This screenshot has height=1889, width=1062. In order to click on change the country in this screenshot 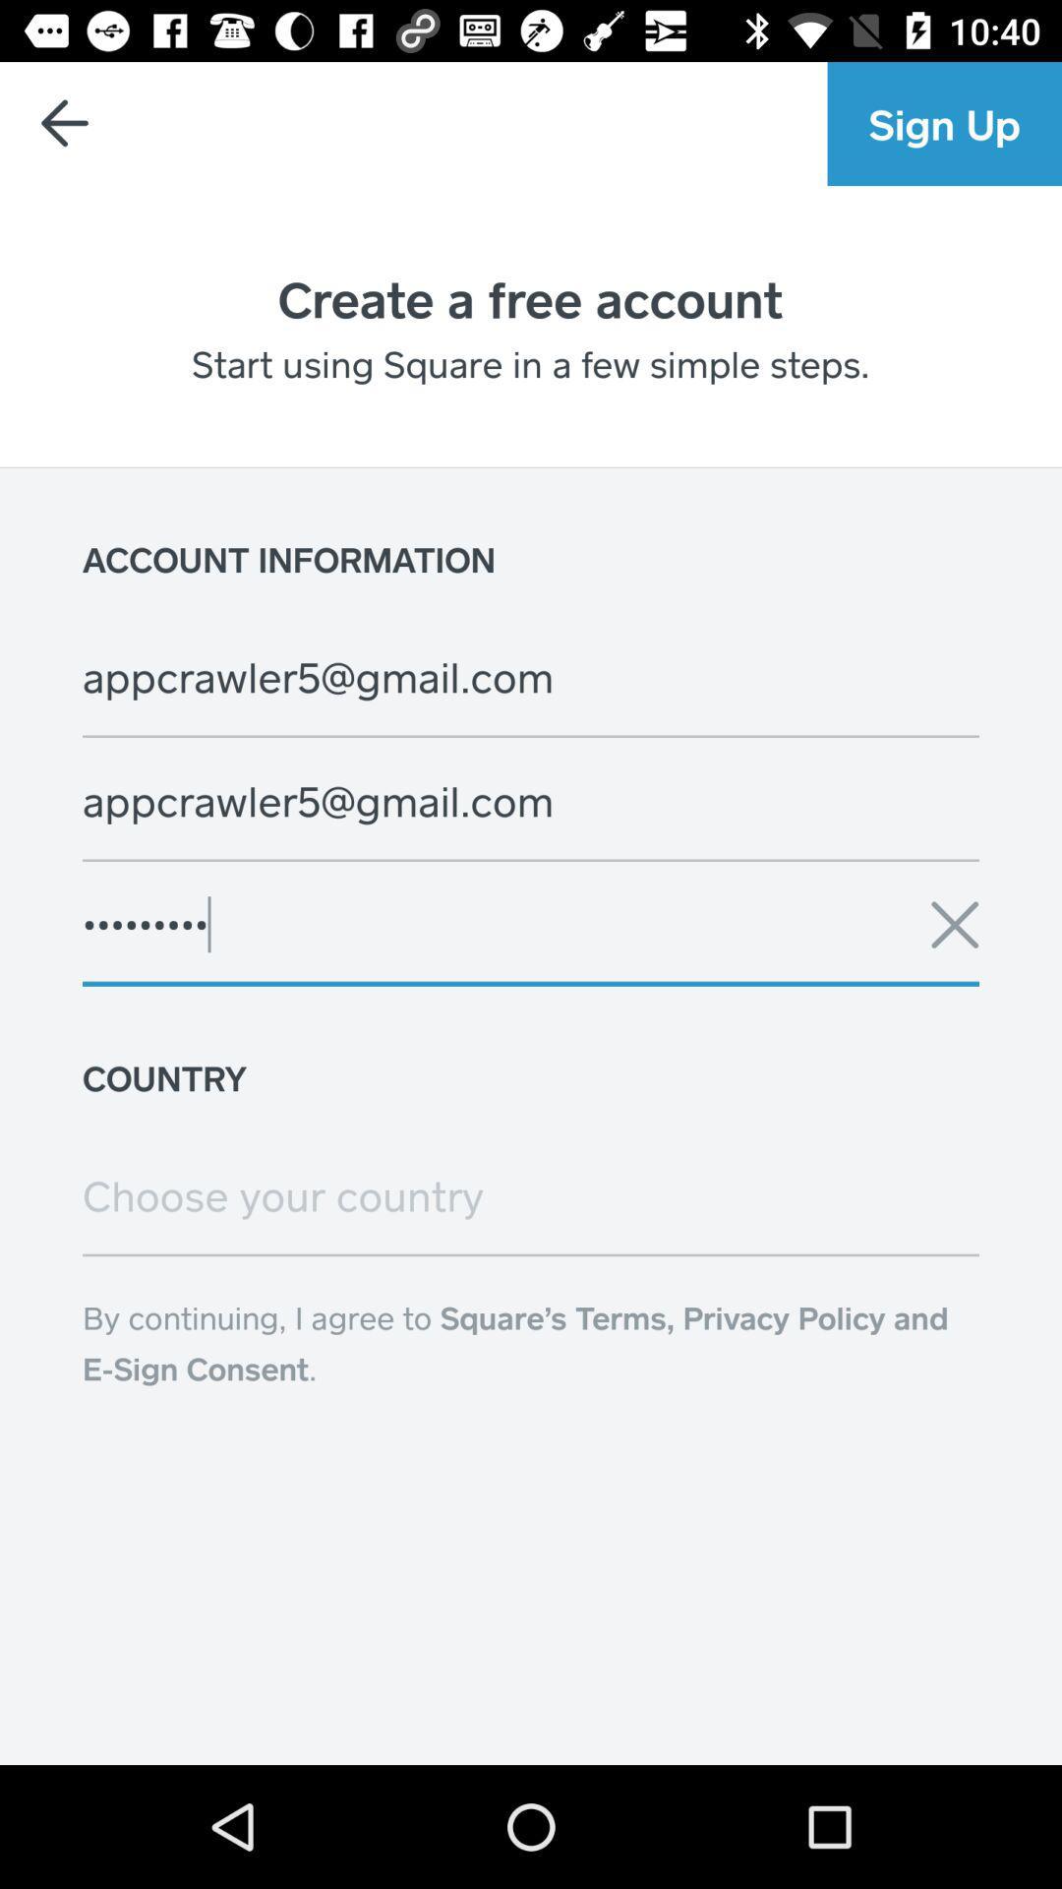, I will do `click(531, 1193)`.